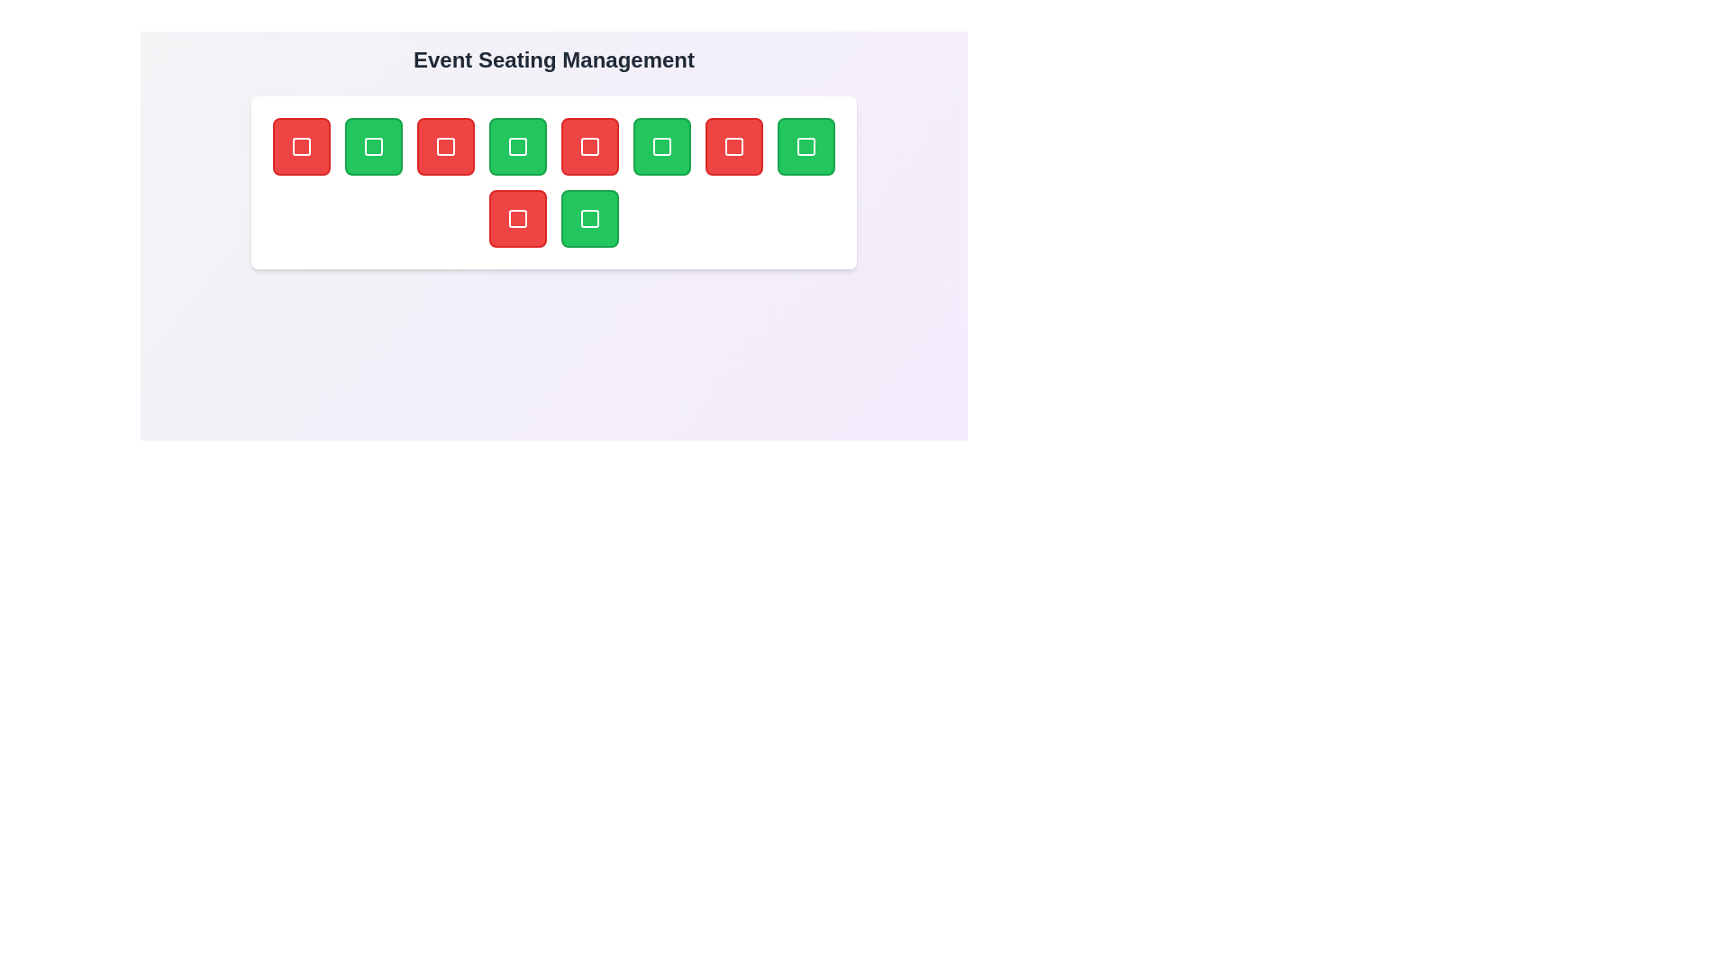 This screenshot has height=973, width=1730. Describe the element at coordinates (660, 145) in the screenshot. I see `the inner square icon located inside the fourth green square from the left in the top row of squares, which is styled as an outline and appears empty` at that location.